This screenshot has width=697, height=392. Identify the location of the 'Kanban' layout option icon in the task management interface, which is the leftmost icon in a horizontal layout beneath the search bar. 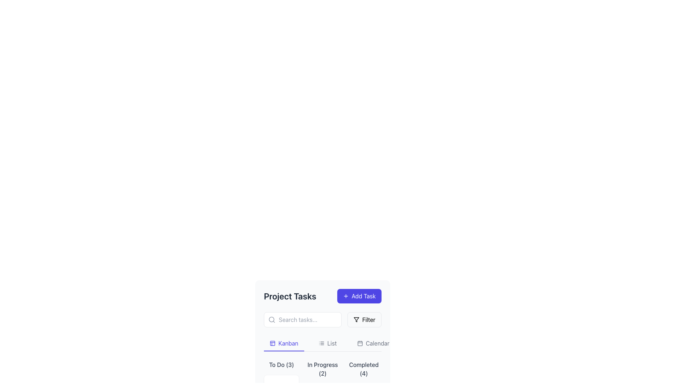
(272, 343).